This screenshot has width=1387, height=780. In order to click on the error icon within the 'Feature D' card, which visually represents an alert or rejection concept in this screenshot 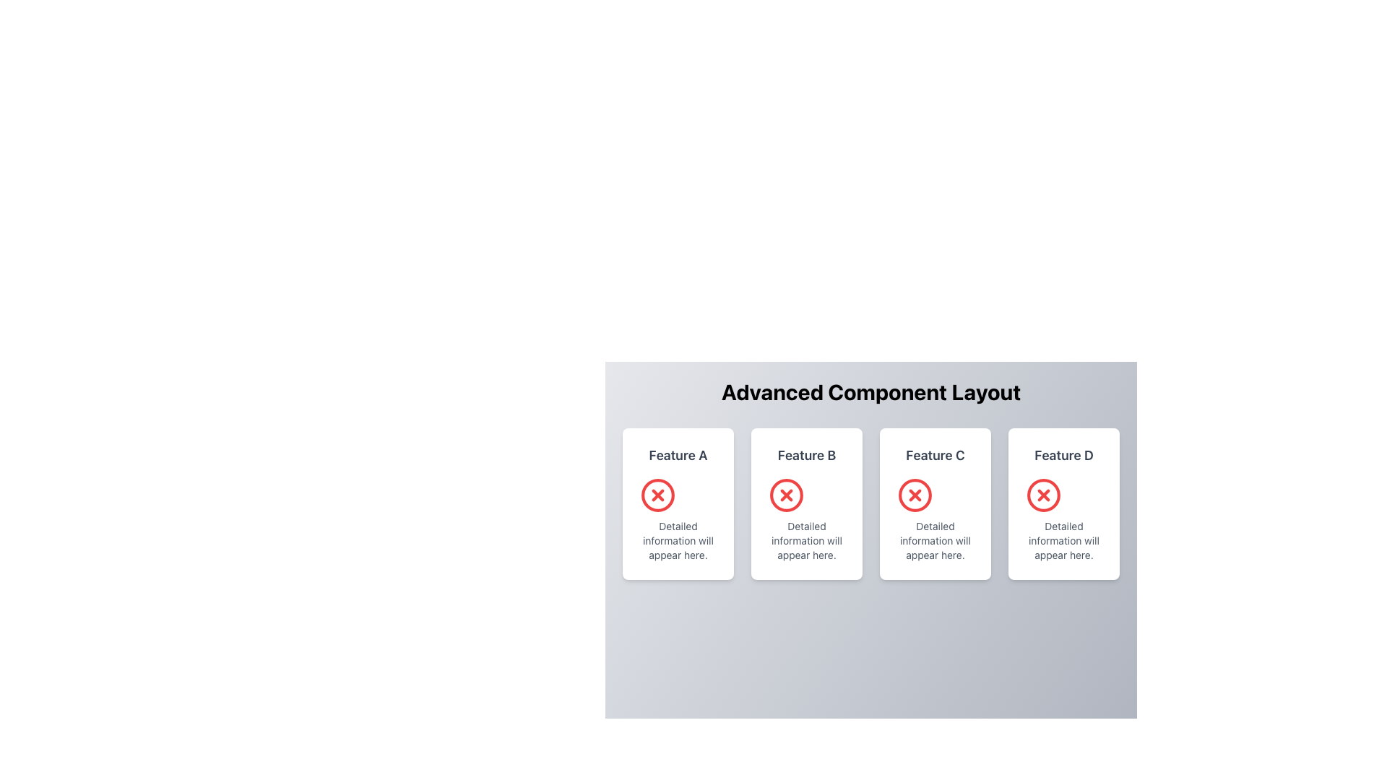, I will do `click(1043, 495)`.